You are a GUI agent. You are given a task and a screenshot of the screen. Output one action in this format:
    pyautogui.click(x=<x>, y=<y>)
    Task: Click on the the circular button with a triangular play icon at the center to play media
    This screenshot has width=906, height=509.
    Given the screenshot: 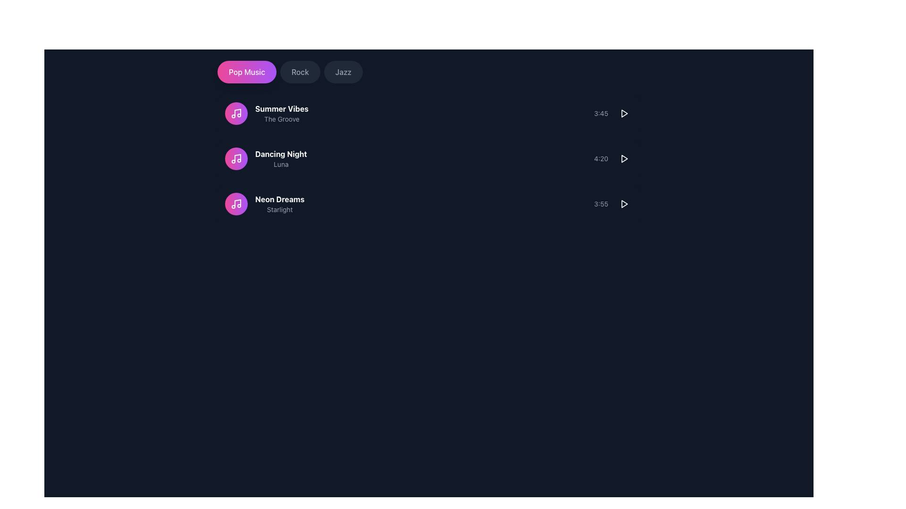 What is the action you would take?
    pyautogui.click(x=624, y=203)
    